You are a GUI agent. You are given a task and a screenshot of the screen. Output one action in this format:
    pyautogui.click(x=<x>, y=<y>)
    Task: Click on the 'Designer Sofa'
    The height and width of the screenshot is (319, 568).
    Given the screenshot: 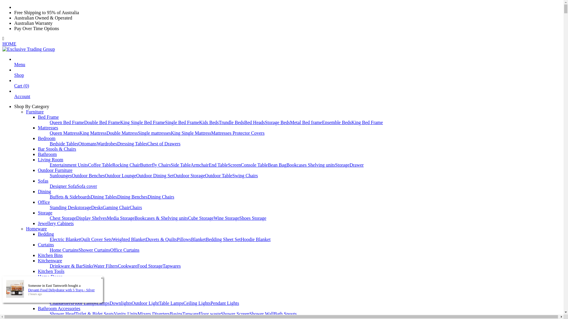 What is the action you would take?
    pyautogui.click(x=50, y=186)
    